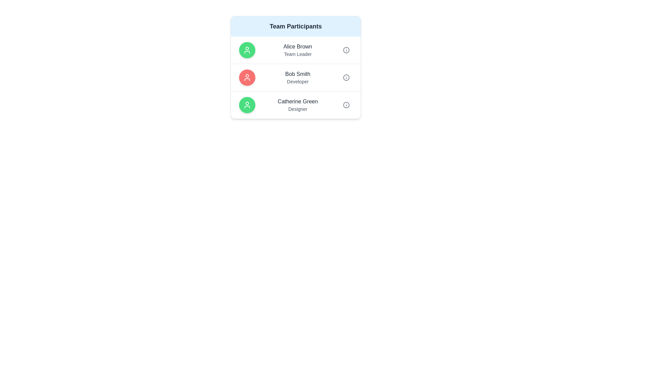  What do you see at coordinates (346, 77) in the screenshot?
I see `the information icon button located to the right of the 'Bob Smith Developer' row in the 'Team Participants' section` at bounding box center [346, 77].